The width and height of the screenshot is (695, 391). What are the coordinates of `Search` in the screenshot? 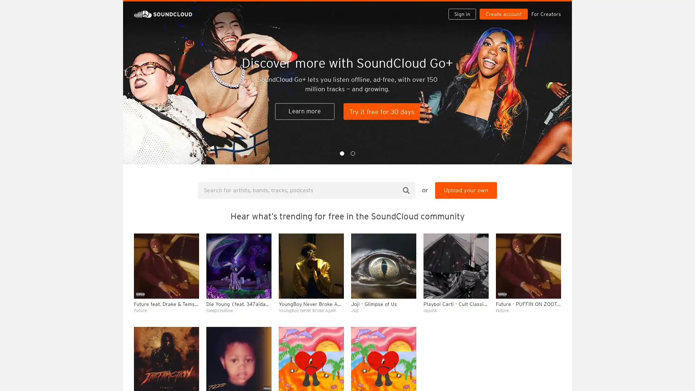 It's located at (406, 190).